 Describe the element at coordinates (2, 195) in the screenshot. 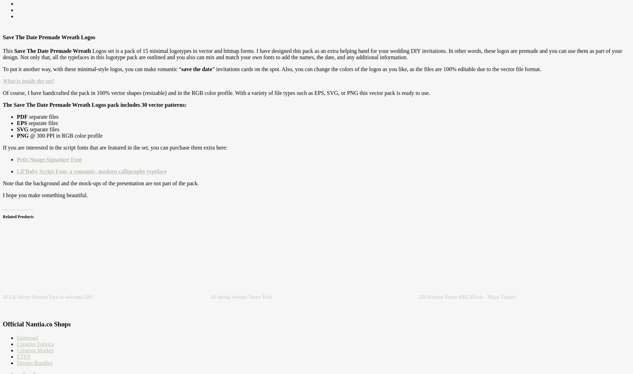

I see `'I hope you make something beautiful.'` at that location.